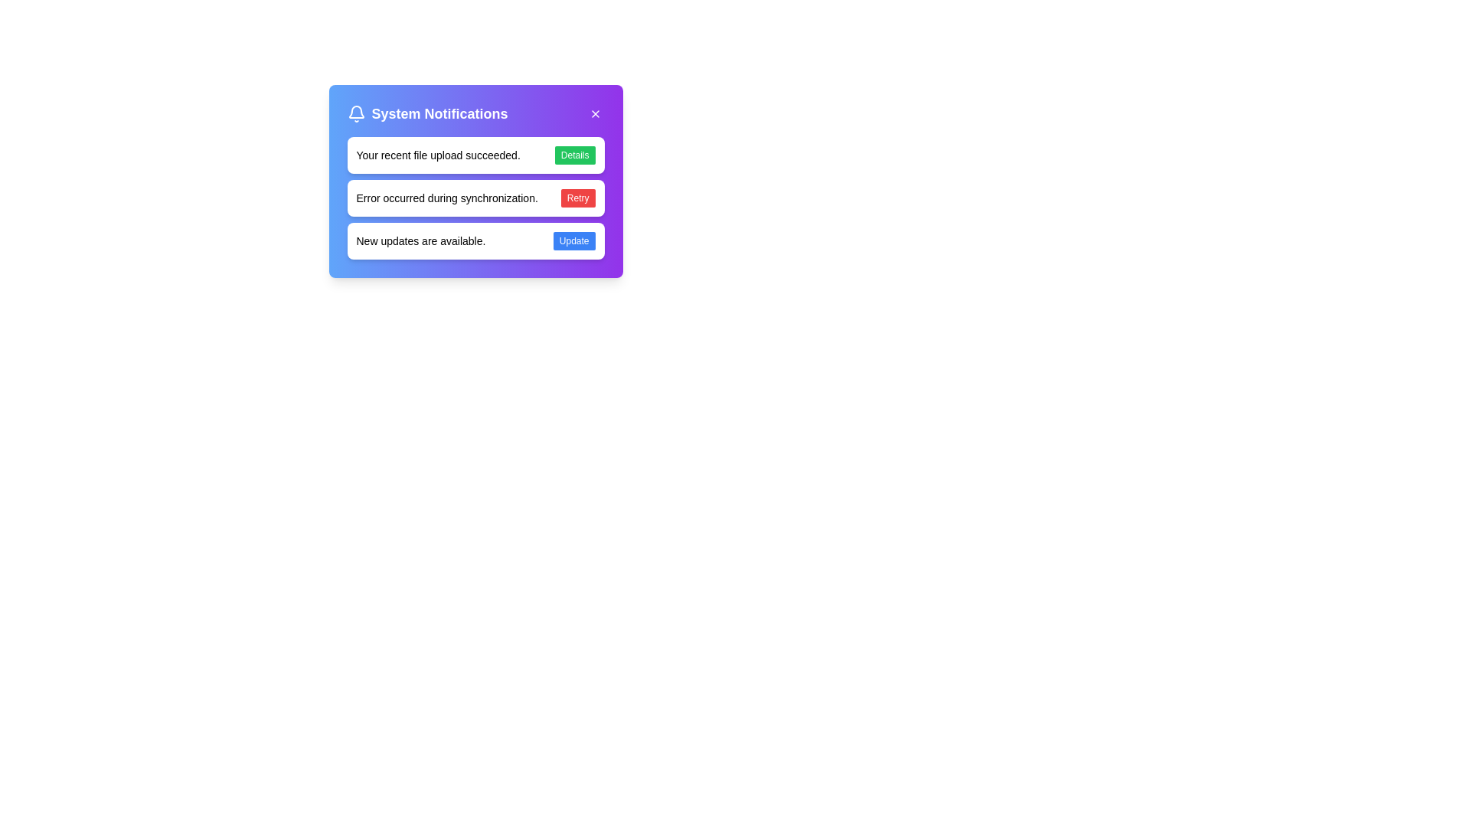 The height and width of the screenshot is (827, 1470). Describe the element at coordinates (420, 241) in the screenshot. I see `text label displaying 'New updates are available.' which is positioned within a notification card near the bottom left, to the left of the 'Update' button` at that location.